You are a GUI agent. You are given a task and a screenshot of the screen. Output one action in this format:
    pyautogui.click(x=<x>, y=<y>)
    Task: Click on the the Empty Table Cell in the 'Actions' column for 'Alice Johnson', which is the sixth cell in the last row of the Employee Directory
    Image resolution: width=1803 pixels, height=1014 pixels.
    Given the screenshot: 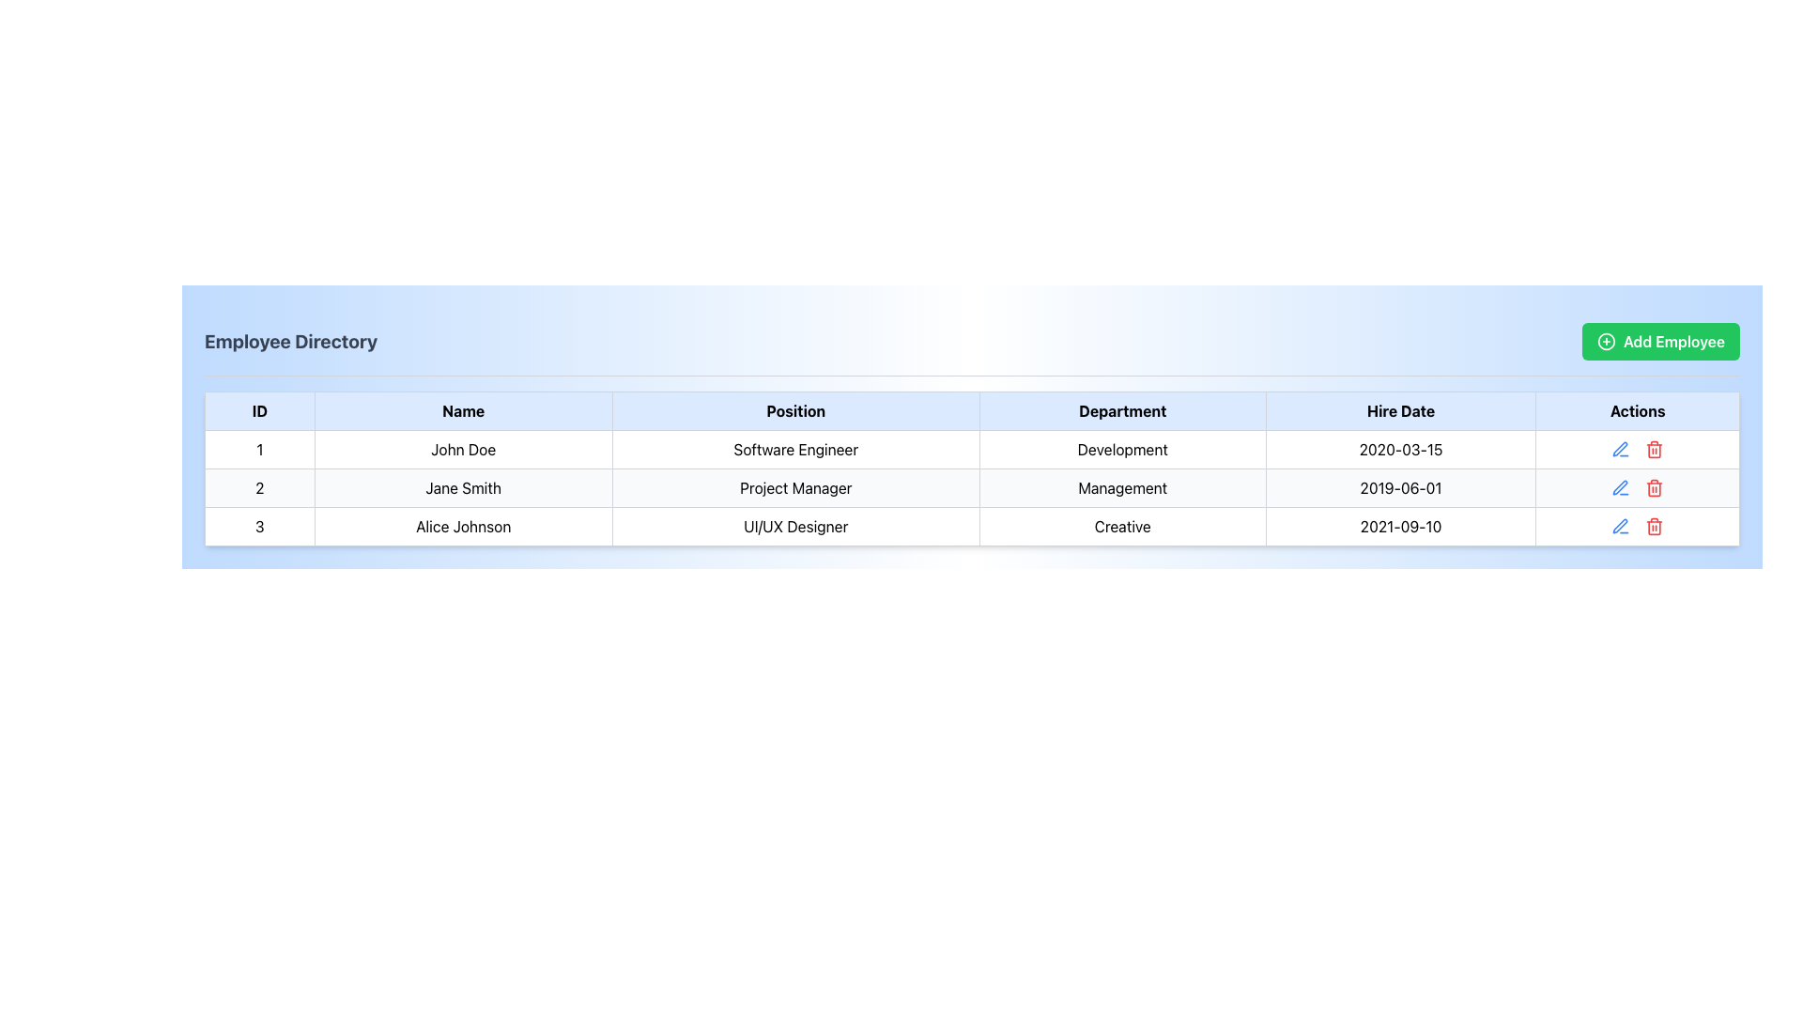 What is the action you would take?
    pyautogui.click(x=1637, y=526)
    